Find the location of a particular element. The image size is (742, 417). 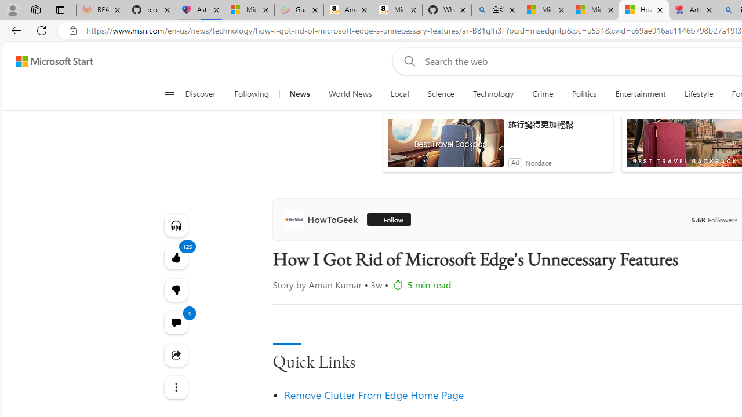

'Entertainment' is located at coordinates (640, 94).